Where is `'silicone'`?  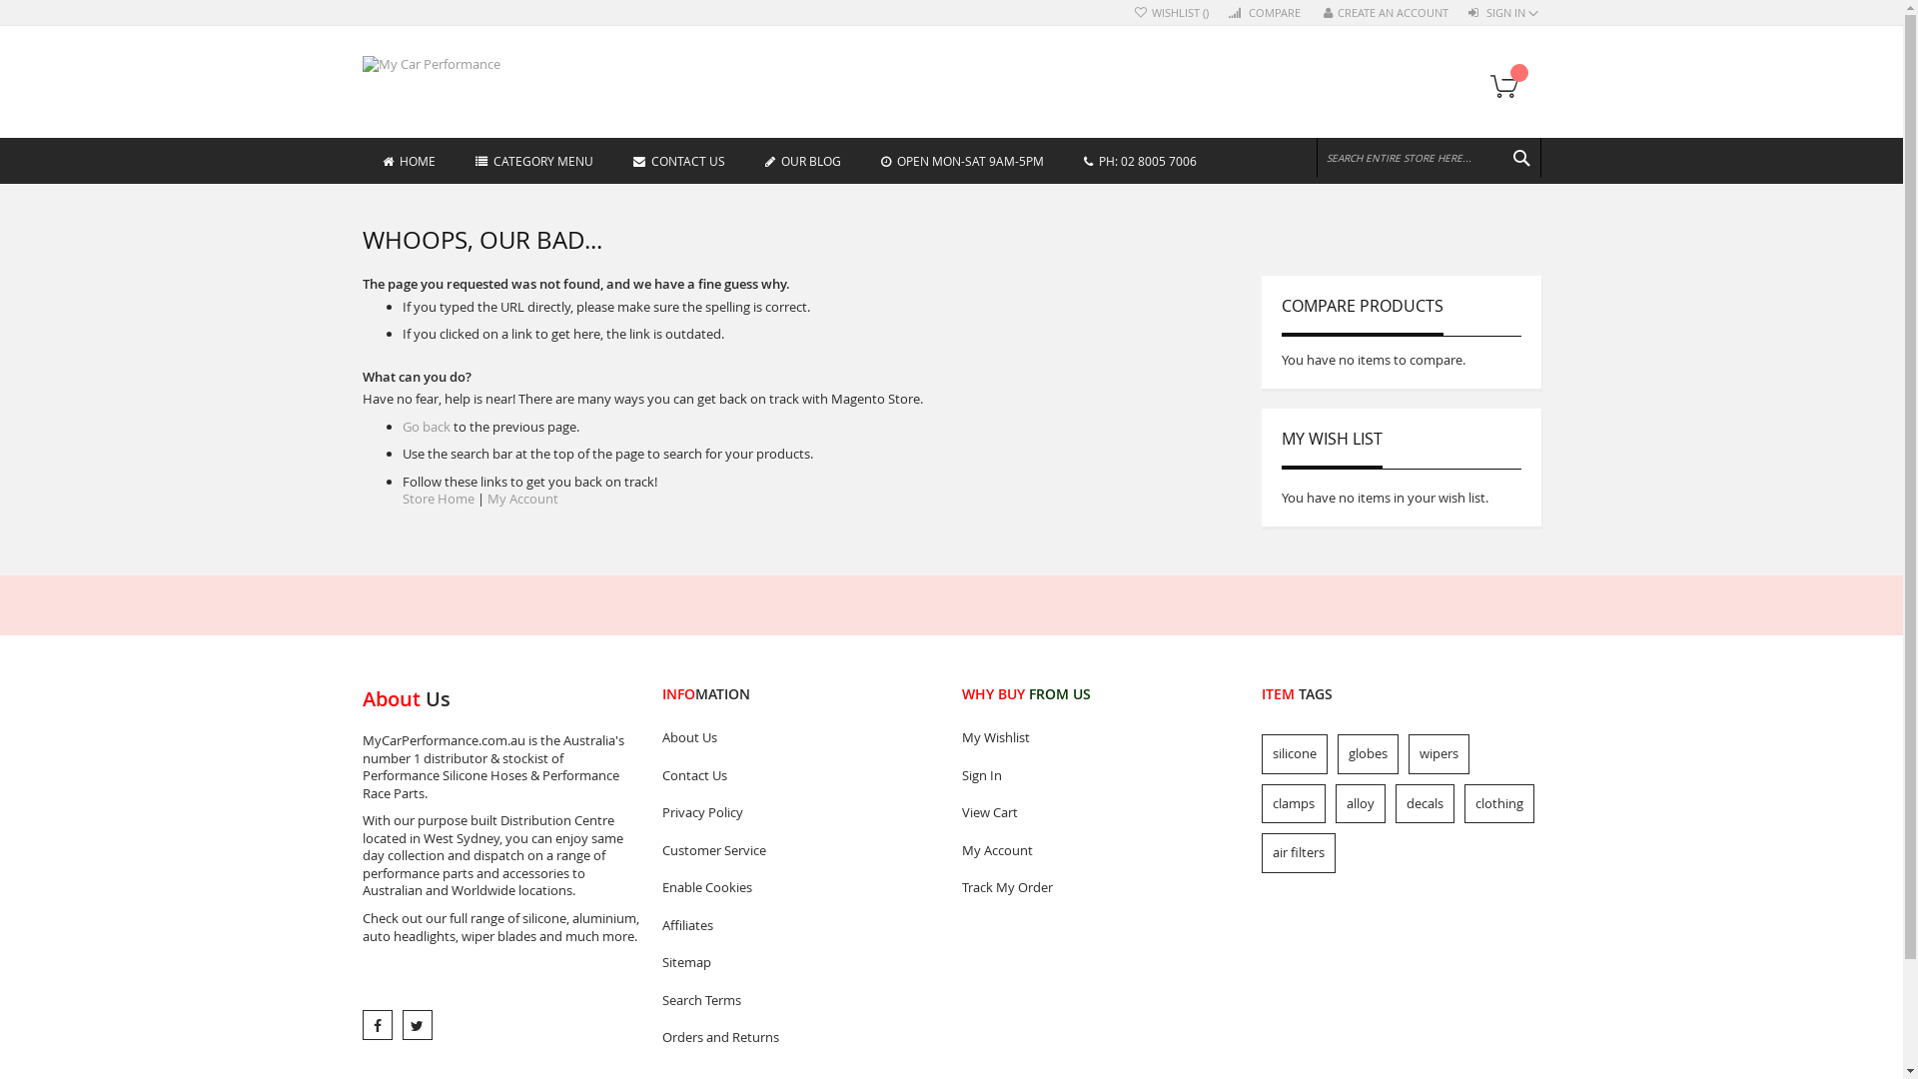
'silicone' is located at coordinates (1294, 754).